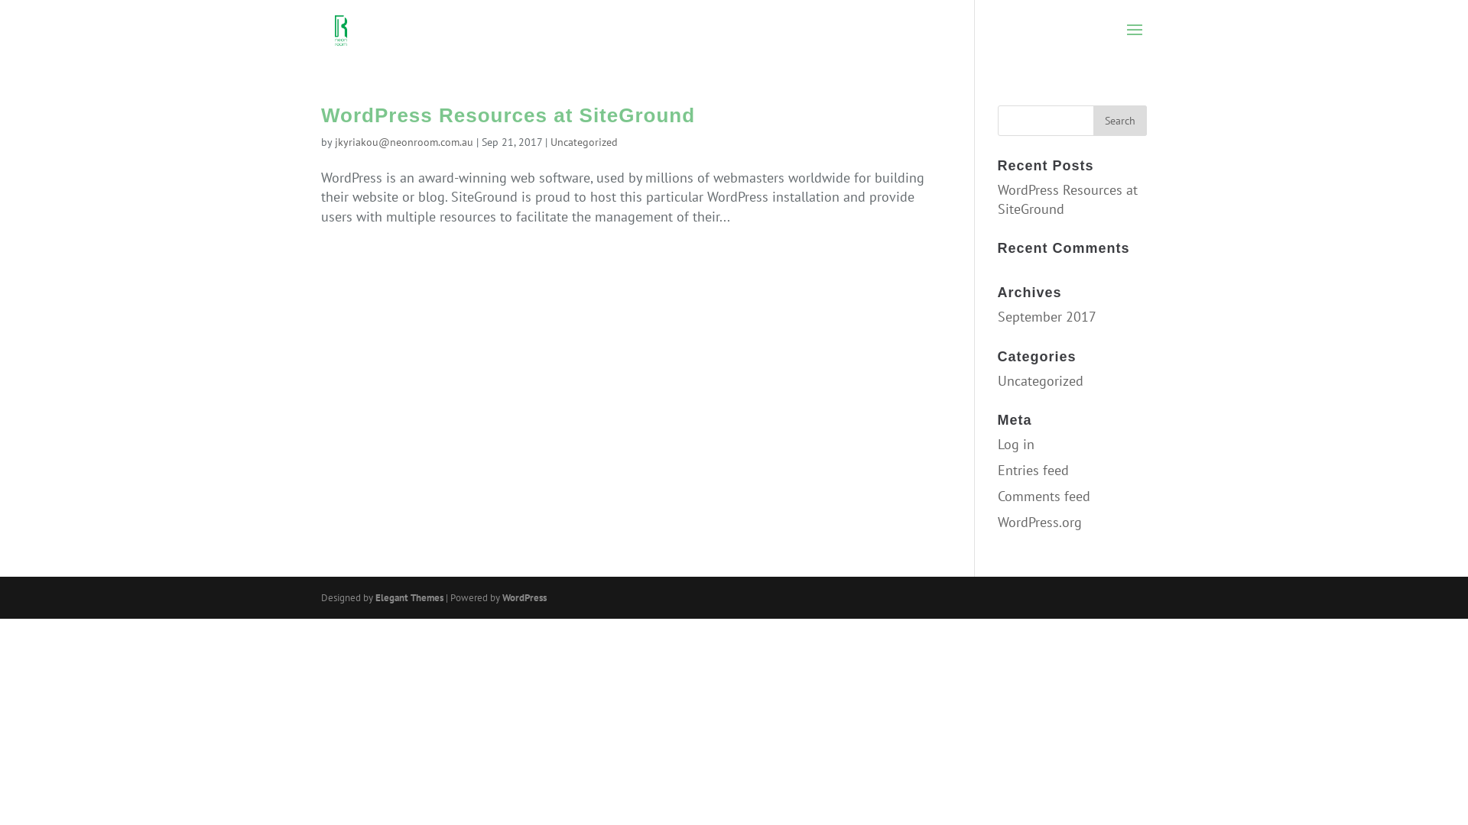  I want to click on 'Comments feed', so click(998, 496).